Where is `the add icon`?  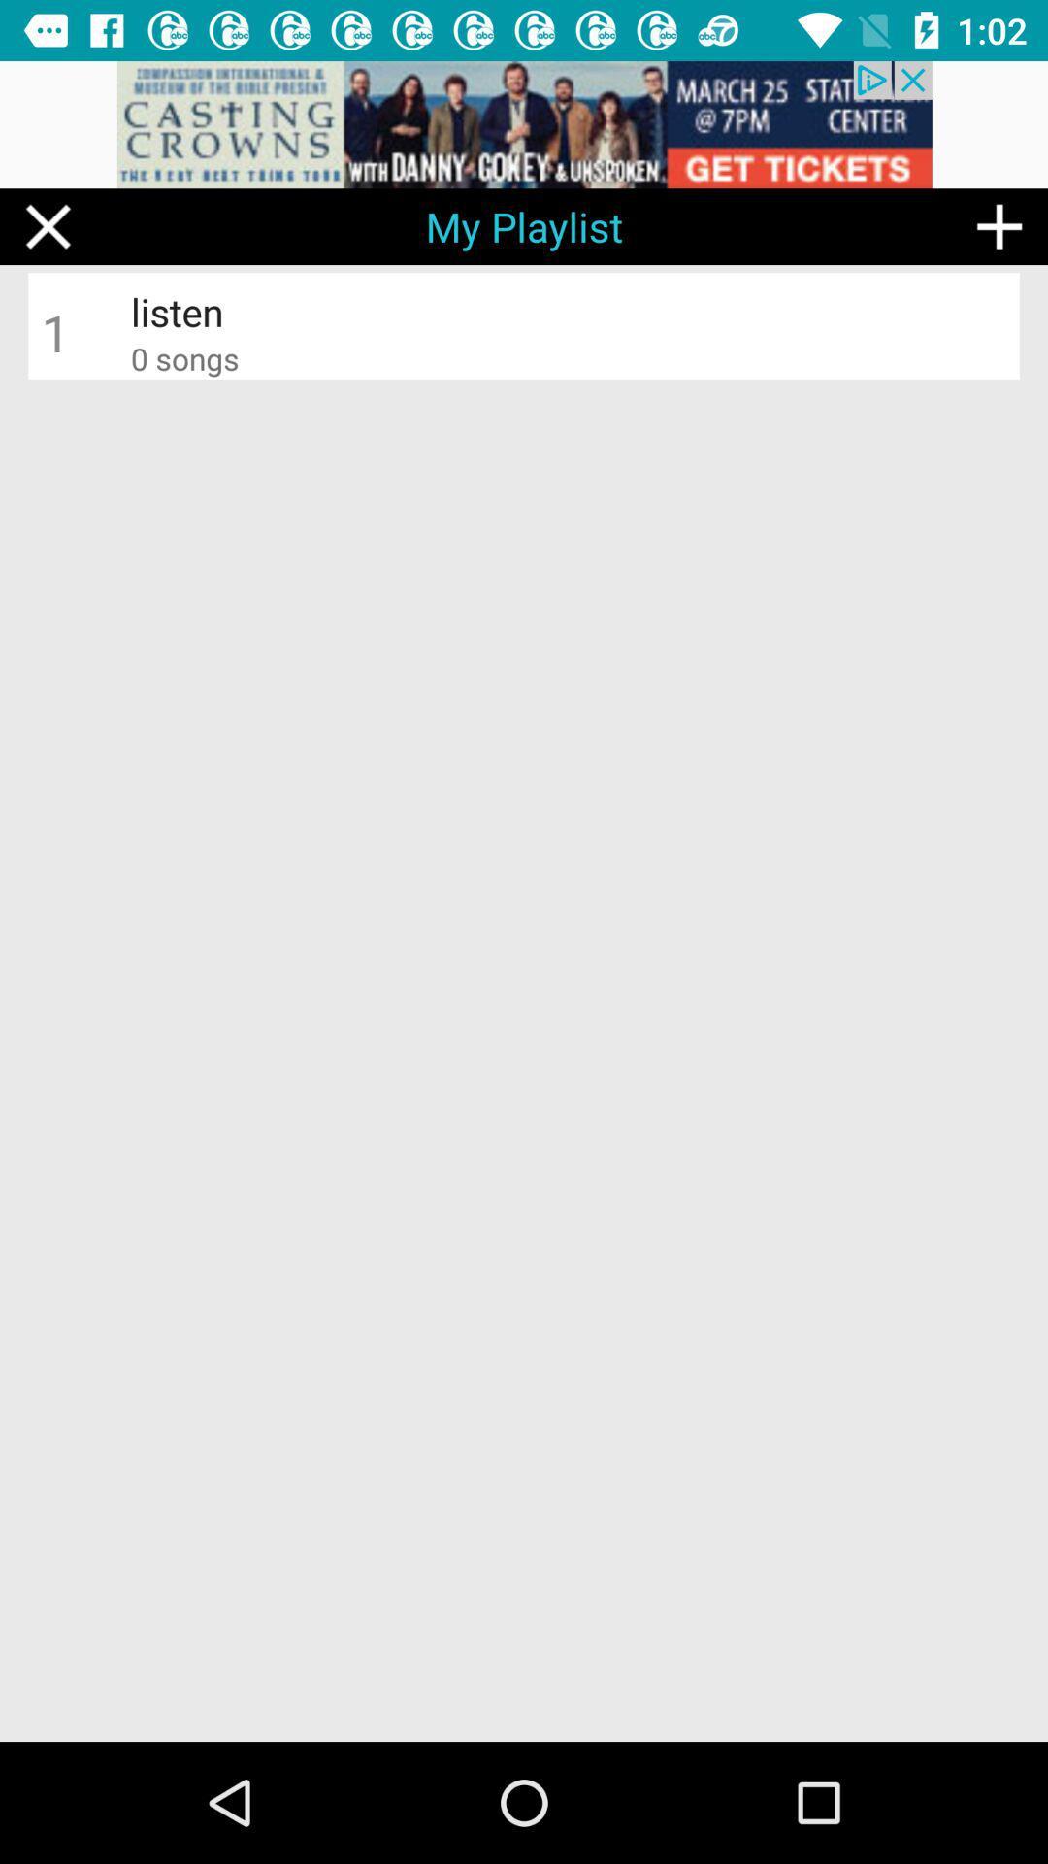 the add icon is located at coordinates (999, 226).